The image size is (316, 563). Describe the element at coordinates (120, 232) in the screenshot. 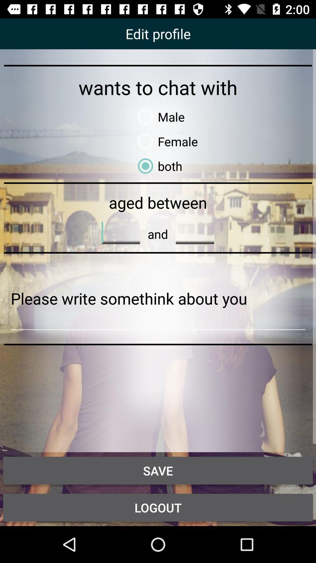

I see `word typeing line` at that location.